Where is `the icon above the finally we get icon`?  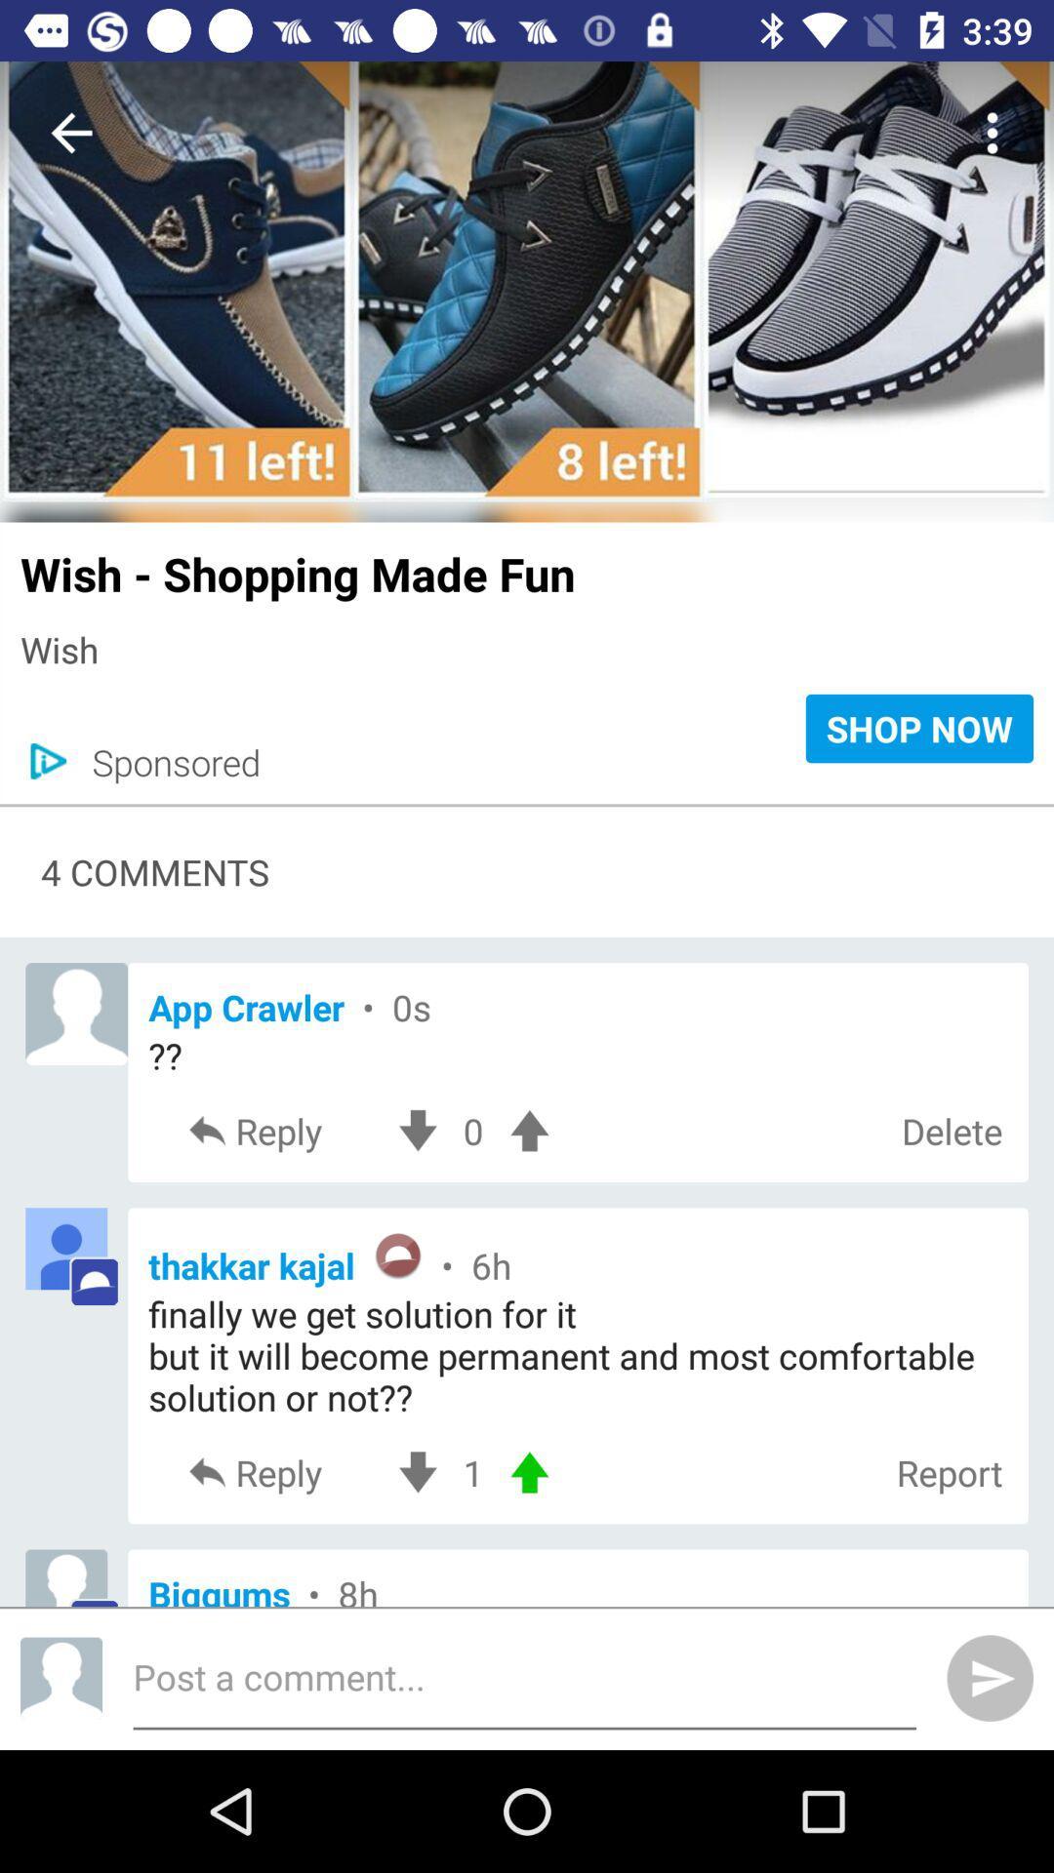 the icon above the finally we get icon is located at coordinates (577, 1258).